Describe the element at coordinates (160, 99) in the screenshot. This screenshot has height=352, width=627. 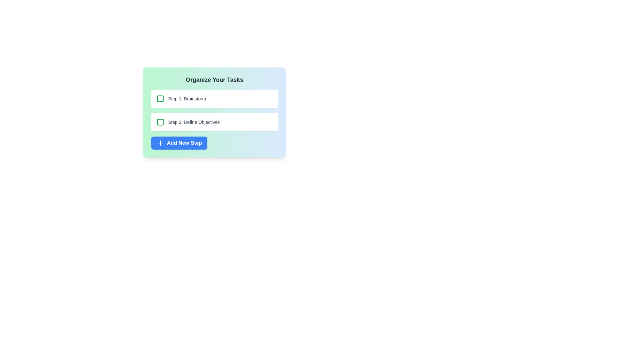
I see `the icon representing the first step in the task list, which is located adjacent to the text 'Step 1: Brainstorm'` at that location.